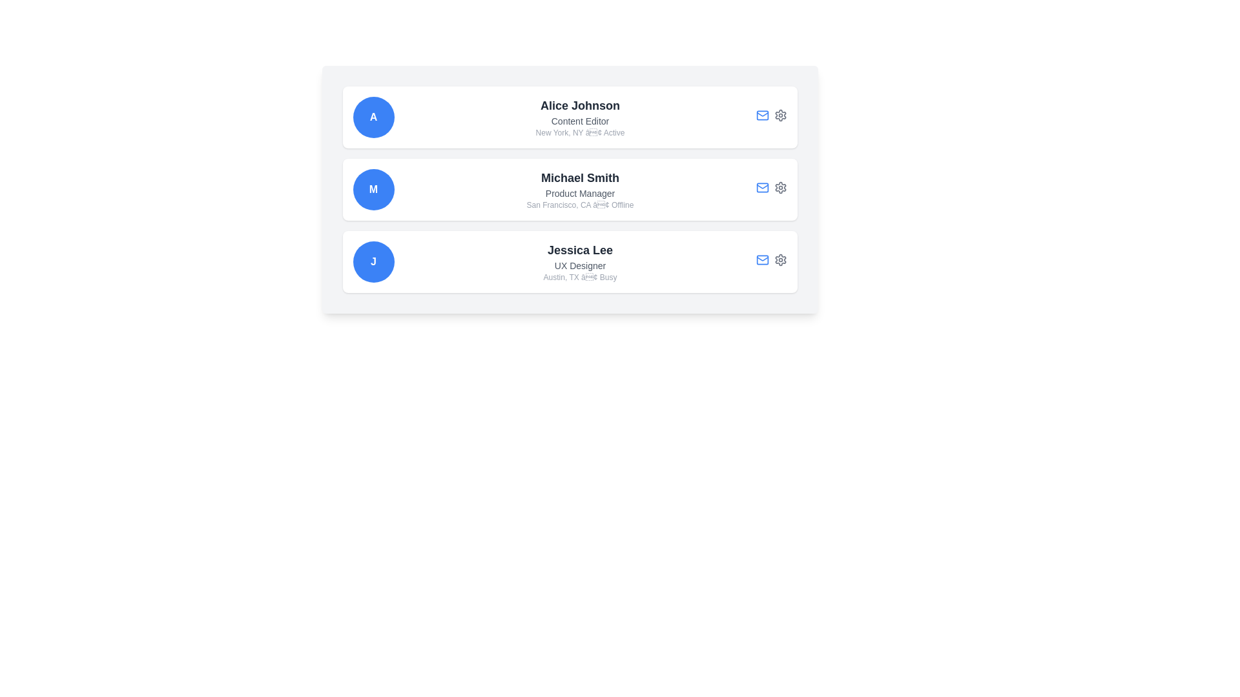 The width and height of the screenshot is (1240, 697). Describe the element at coordinates (780, 187) in the screenshot. I see `the gear icon indicating settings, located to the right of 'Michael Smith' in the middle profile card` at that location.